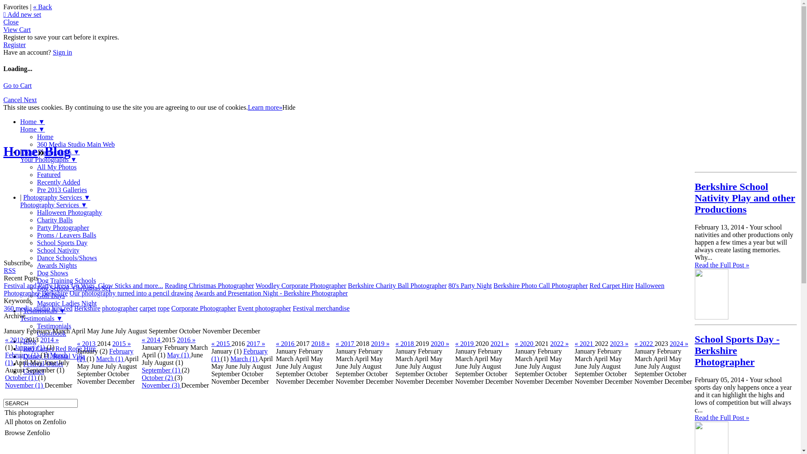 The height and width of the screenshot is (454, 807). What do you see at coordinates (66, 235) in the screenshot?
I see `'Proms / Leavers Balls'` at bounding box center [66, 235].